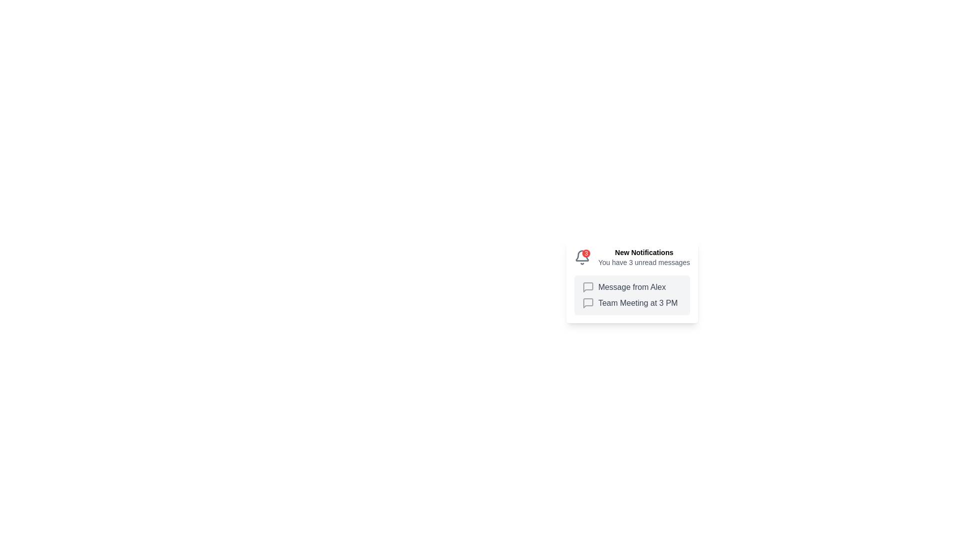 Image resolution: width=954 pixels, height=537 pixels. Describe the element at coordinates (632, 287) in the screenshot. I see `the Notification Text with Icon that informs the user about a new message from Alex` at that location.